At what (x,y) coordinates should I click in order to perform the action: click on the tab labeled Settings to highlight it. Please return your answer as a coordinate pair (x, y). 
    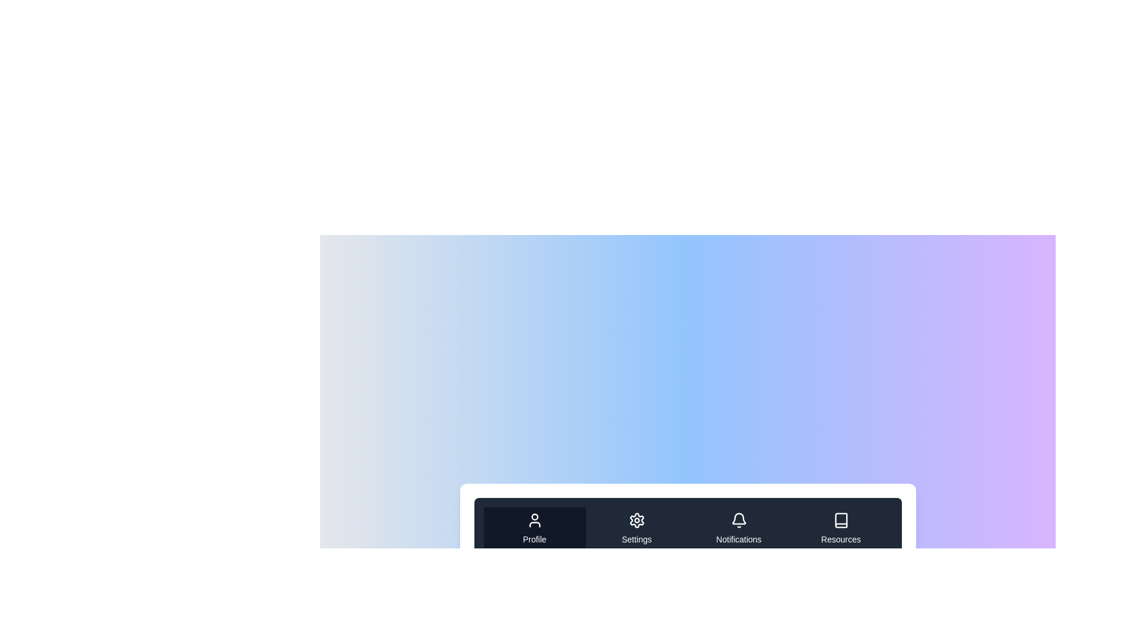
    Looking at the image, I should click on (636, 528).